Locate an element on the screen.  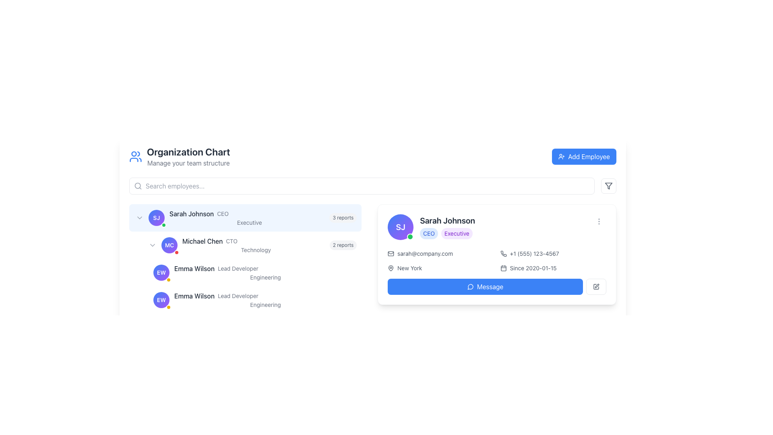
the Vertical Ellipsis Button located at the top-right corner of Sarah Johnson's detailed view is located at coordinates (599, 222).